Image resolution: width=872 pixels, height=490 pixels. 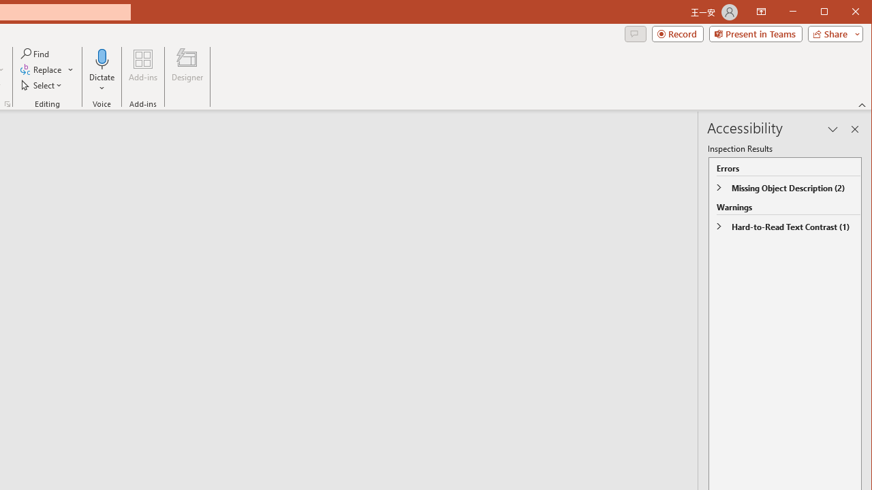 I want to click on 'Maximize', so click(x=843, y=13).